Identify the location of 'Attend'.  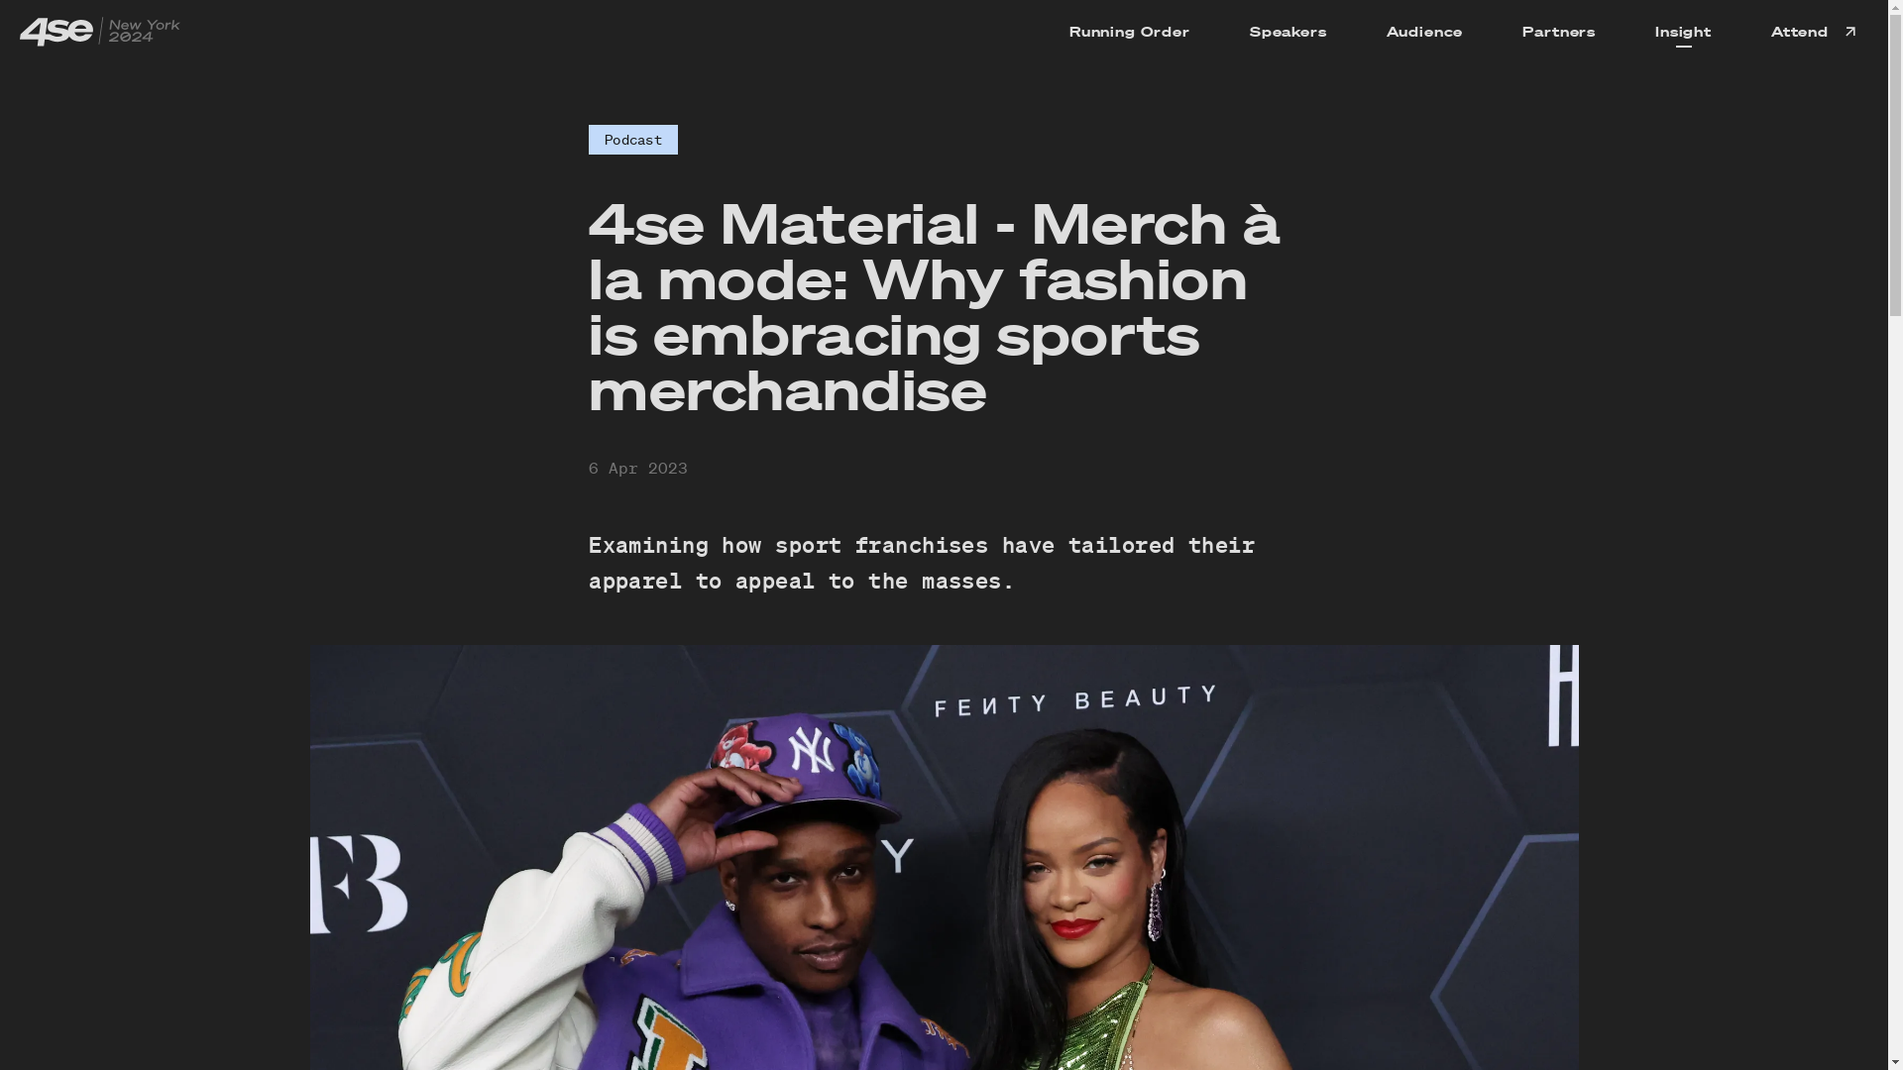
(1739, 31).